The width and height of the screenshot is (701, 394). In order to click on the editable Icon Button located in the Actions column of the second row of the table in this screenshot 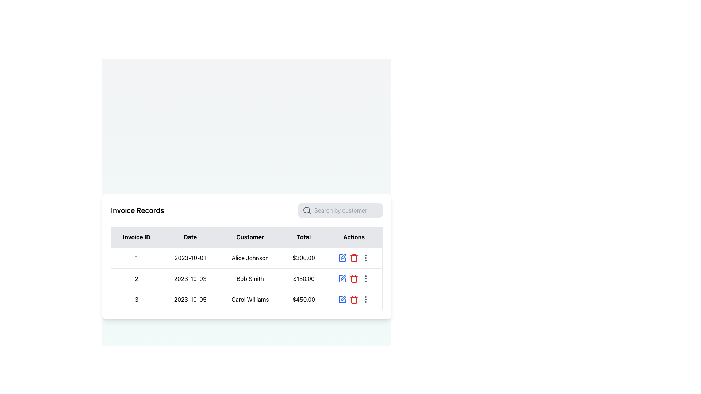, I will do `click(342, 278)`.